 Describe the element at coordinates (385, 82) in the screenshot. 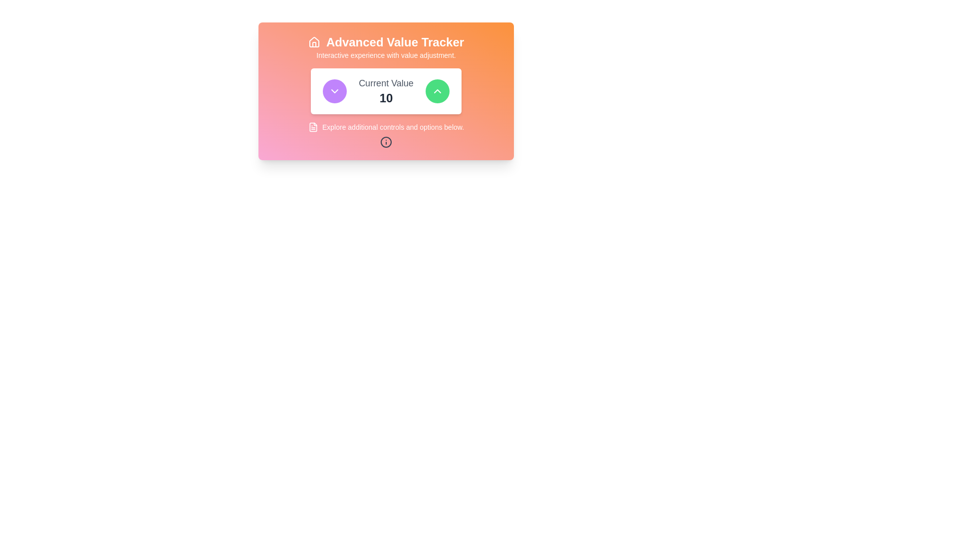

I see `the static text label that provides context for the number displayed below, which is positioned above the text '10' and between two buttons with arrows` at that location.